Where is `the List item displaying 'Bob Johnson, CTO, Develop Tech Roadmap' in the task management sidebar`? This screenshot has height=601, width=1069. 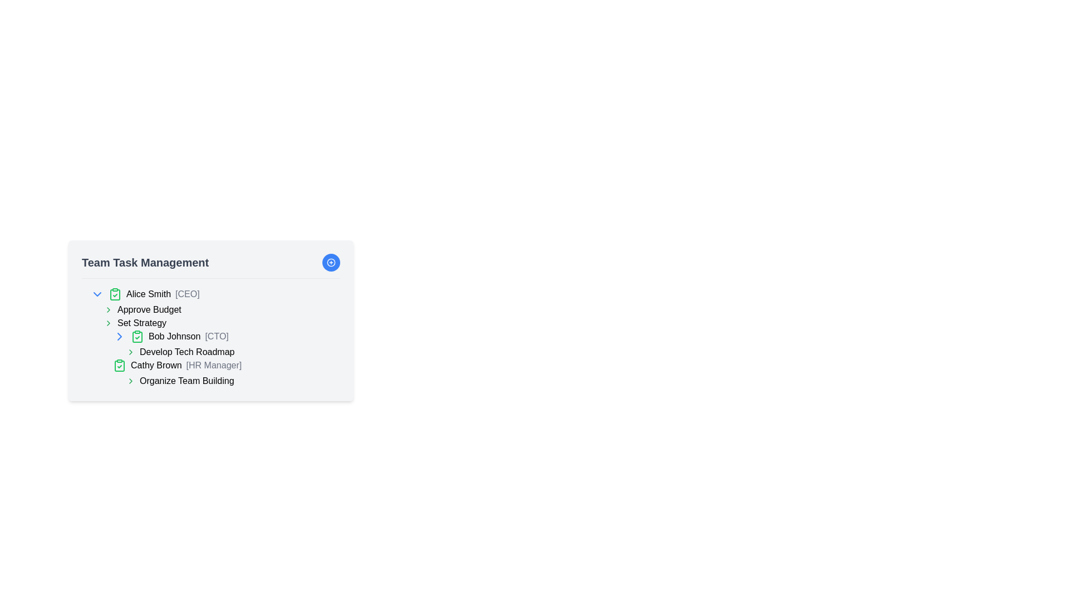 the List item displaying 'Bob Johnson, CTO, Develop Tech Roadmap' in the task management sidebar is located at coordinates (215, 358).